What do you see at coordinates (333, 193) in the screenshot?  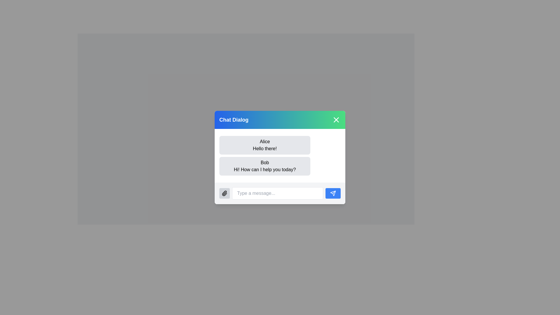 I see `the 'Send' button with an embedded icon located at the bottom-right corner of the chat interface` at bounding box center [333, 193].